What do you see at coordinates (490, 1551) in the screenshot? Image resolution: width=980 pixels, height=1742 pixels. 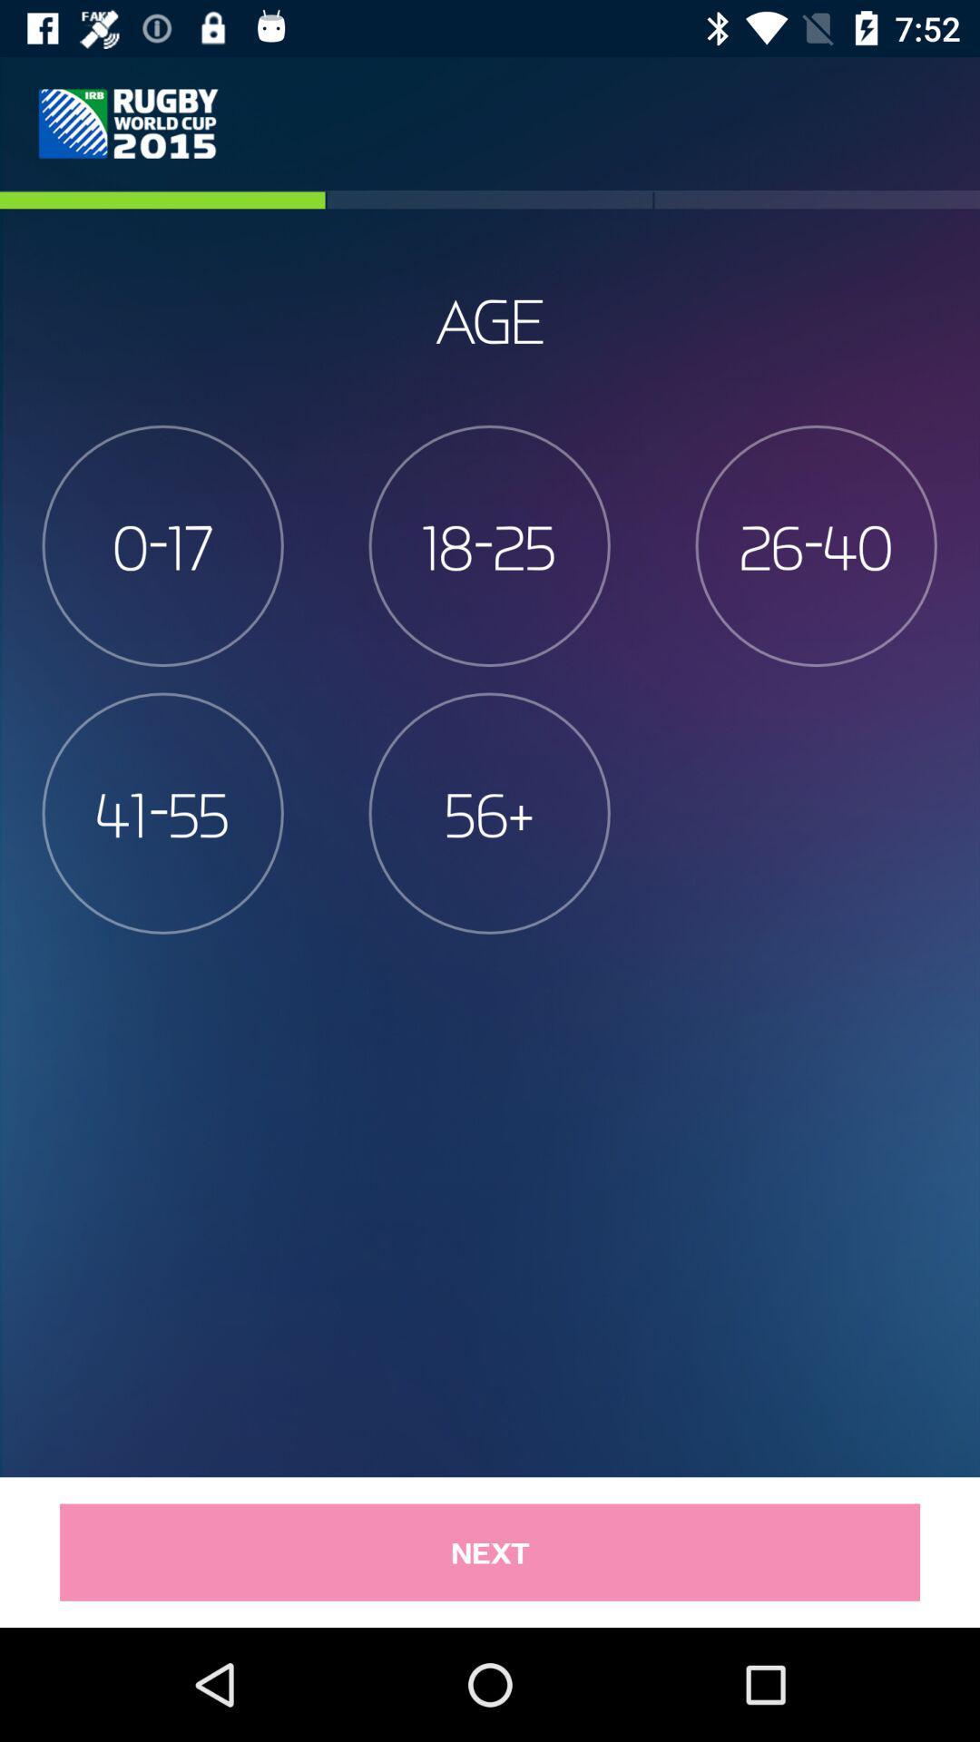 I see `item below 41-55 item` at bounding box center [490, 1551].